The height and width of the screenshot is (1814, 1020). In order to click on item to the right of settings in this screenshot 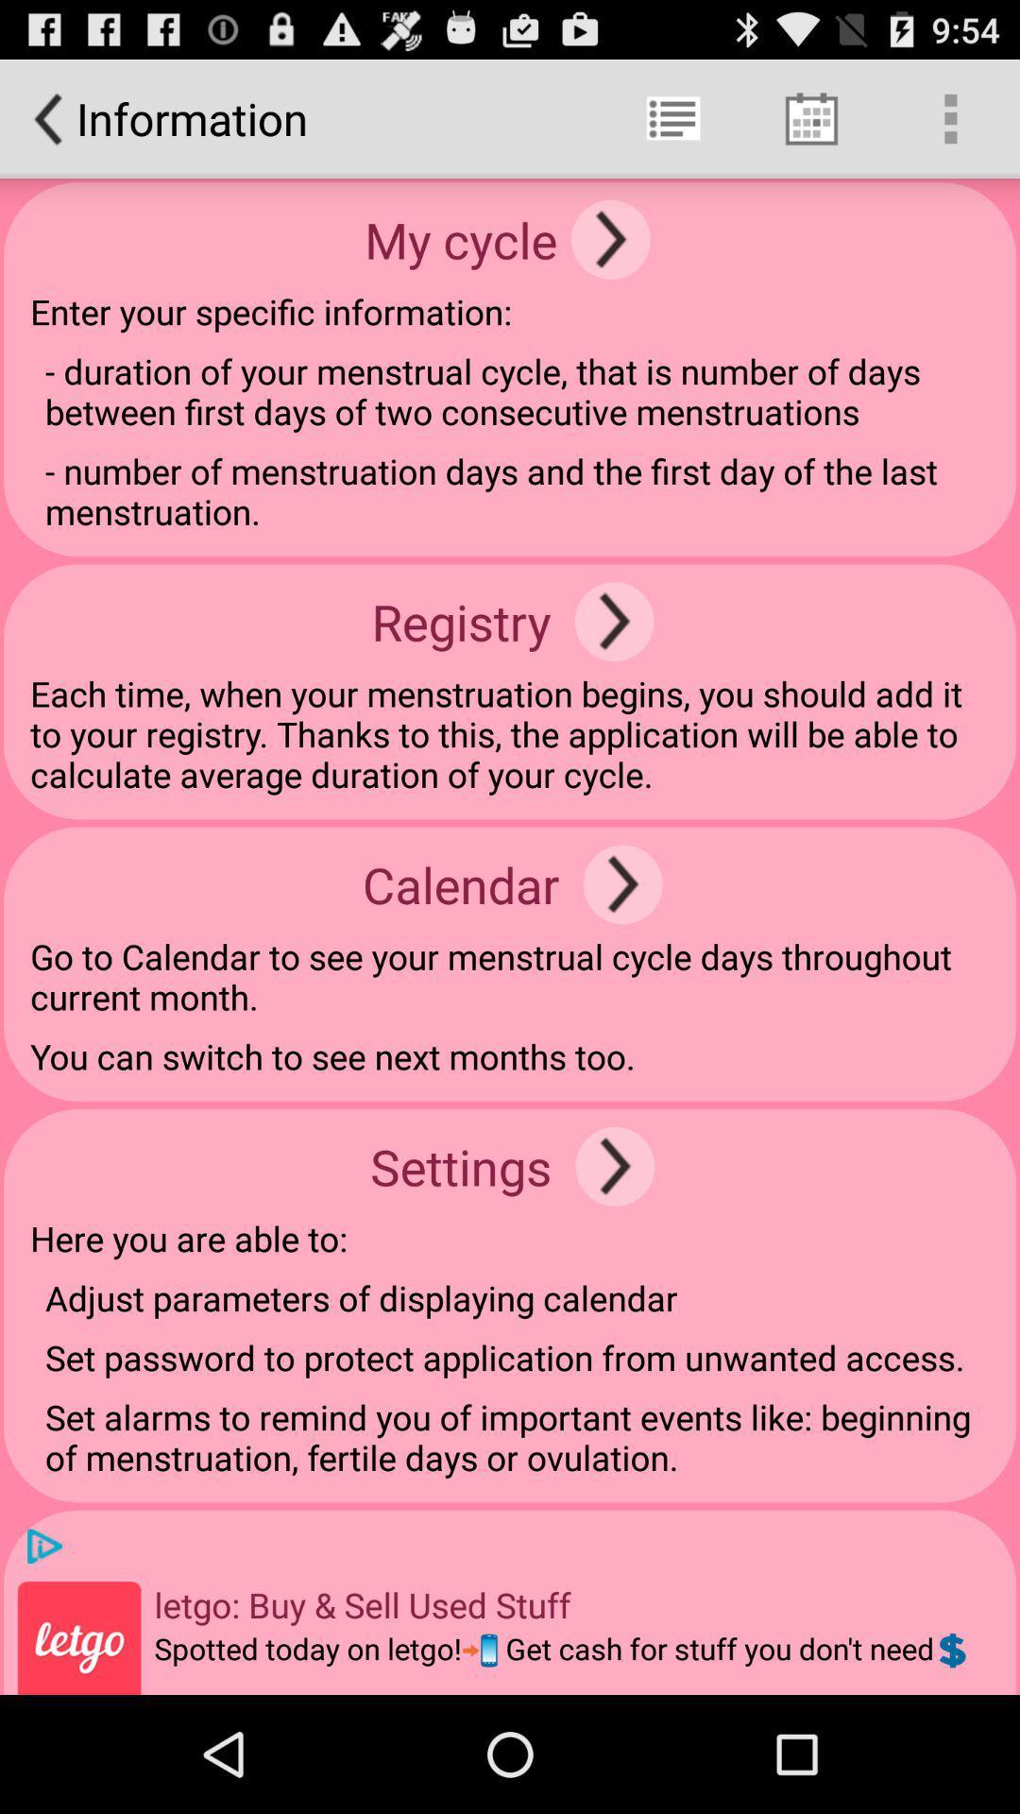, I will do `click(615, 1165)`.